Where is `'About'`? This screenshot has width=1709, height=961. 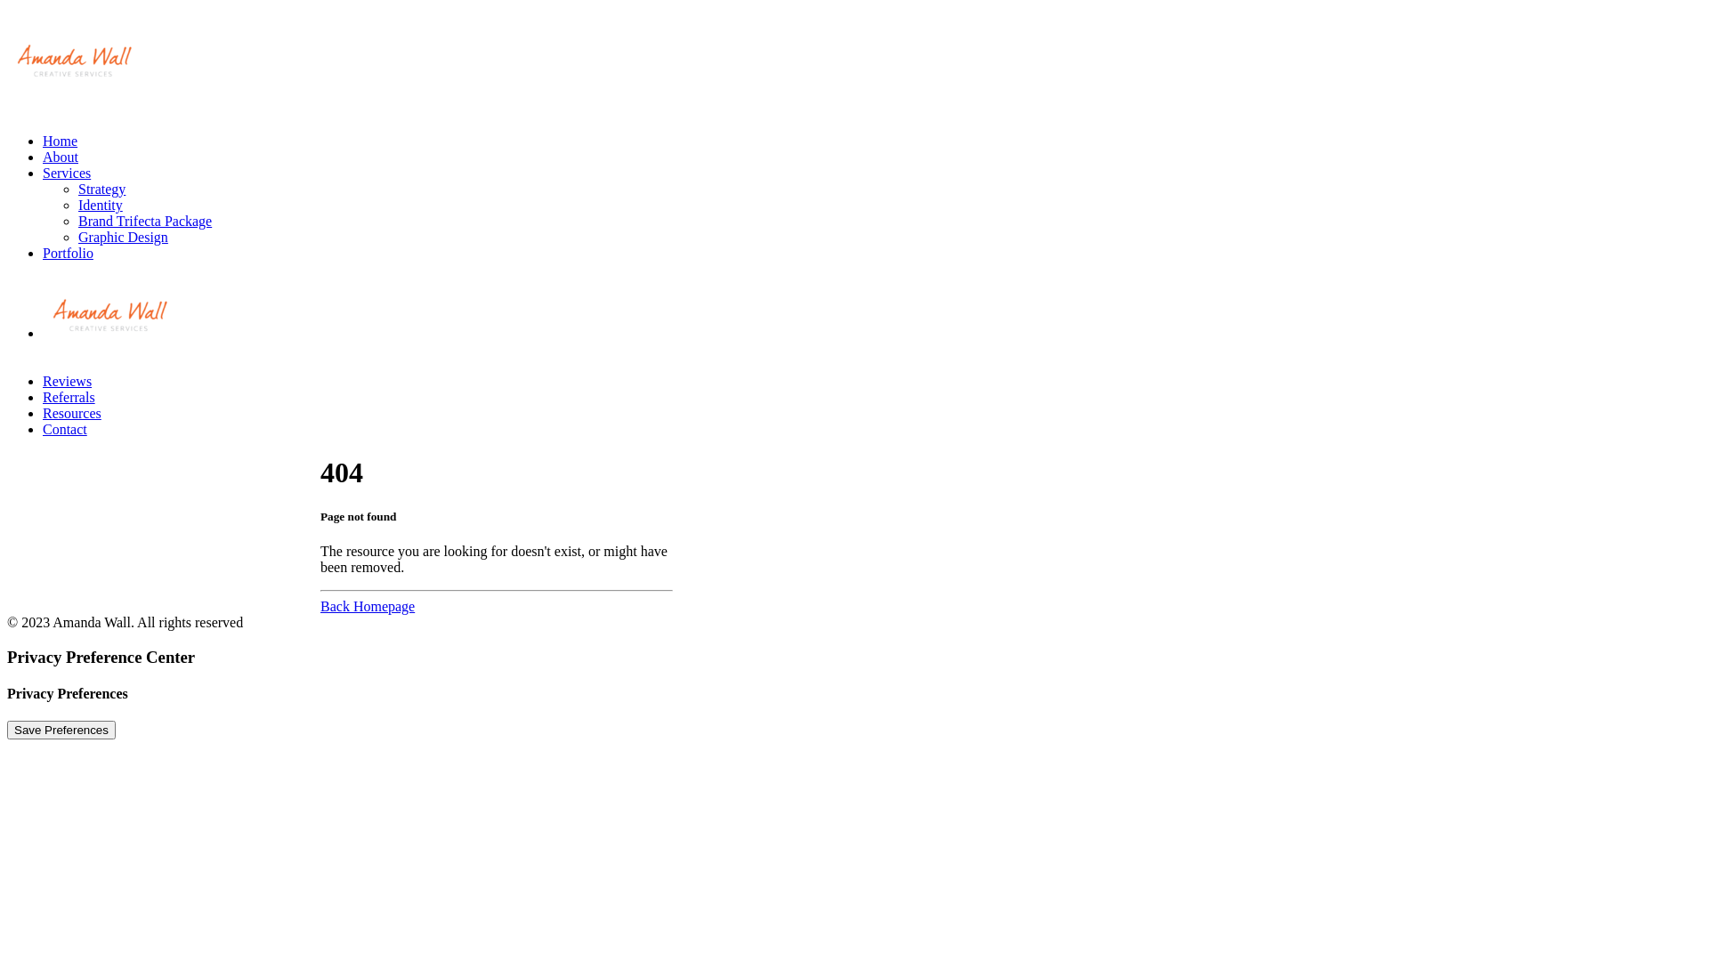 'About' is located at coordinates (60, 156).